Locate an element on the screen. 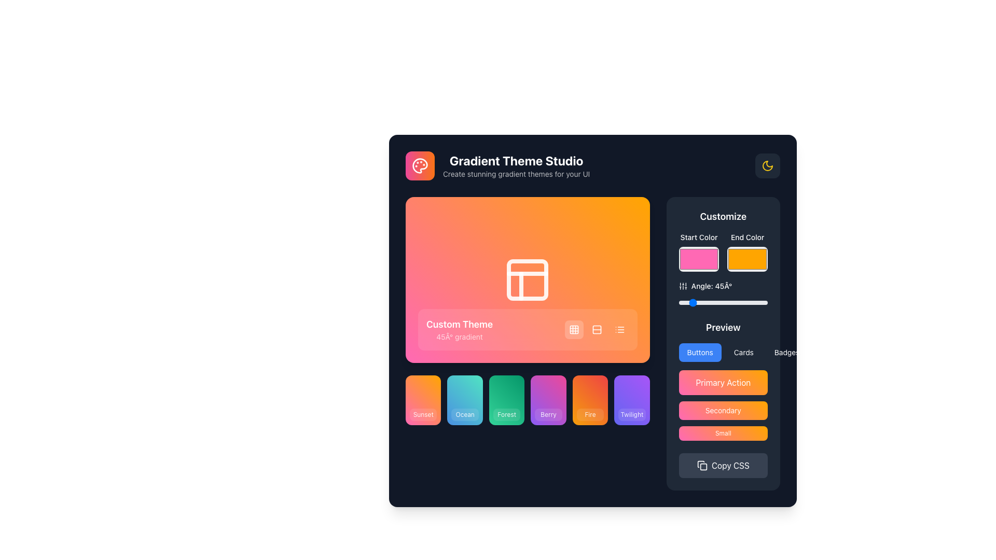 Image resolution: width=996 pixels, height=560 pixels. the Header with subtitle that reads 'Gradient Theme Studio' is located at coordinates (516, 165).